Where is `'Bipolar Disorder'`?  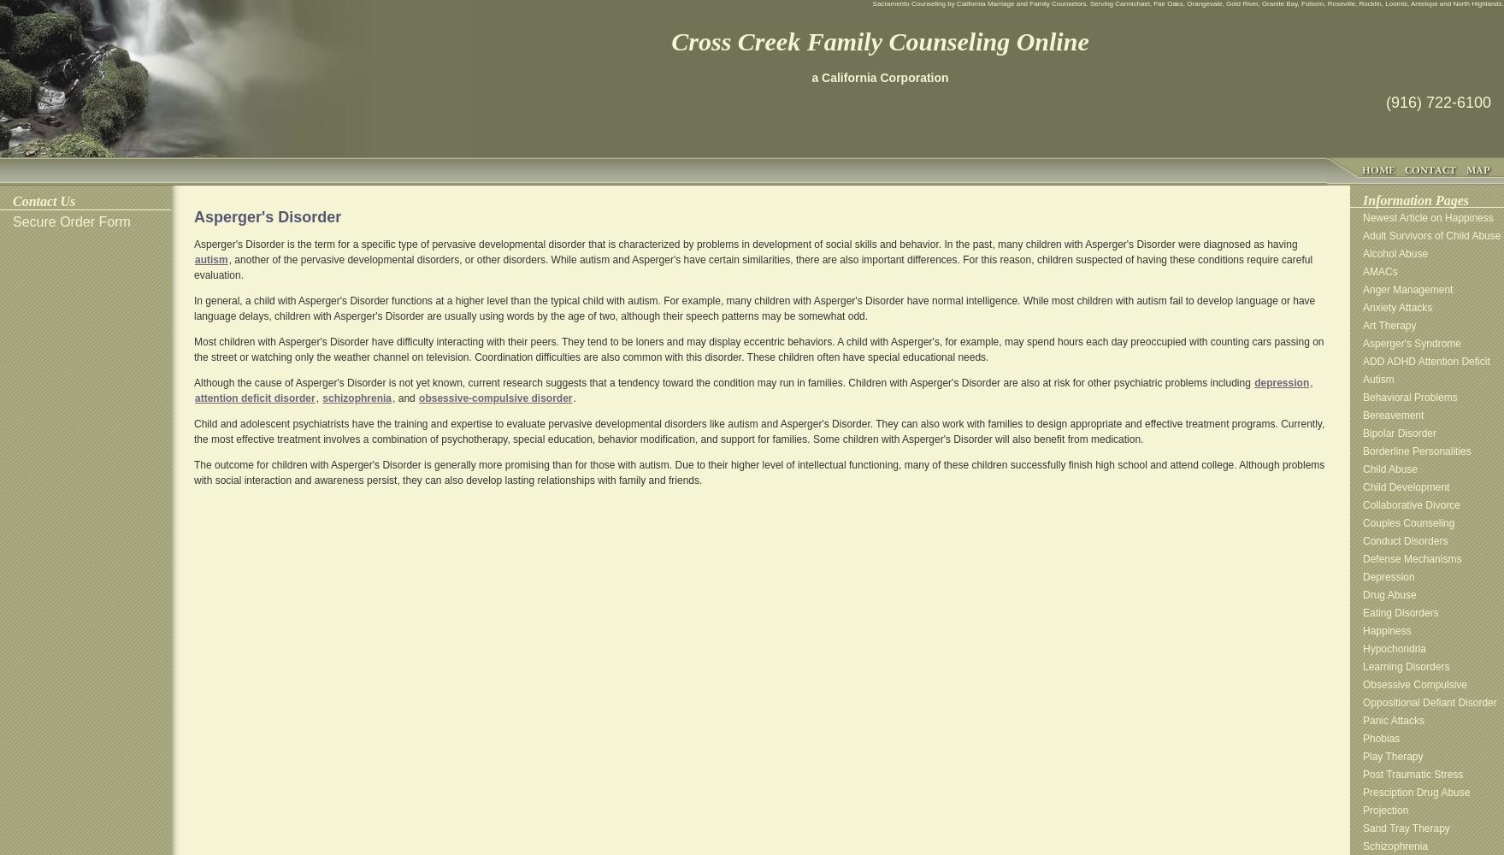
'Bipolar Disorder' is located at coordinates (1398, 433).